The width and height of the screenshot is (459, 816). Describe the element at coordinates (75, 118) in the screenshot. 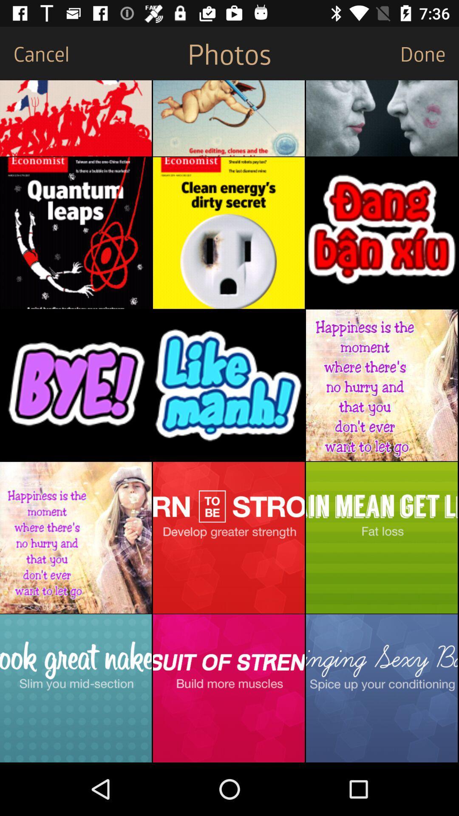

I see `the item below cancel item` at that location.